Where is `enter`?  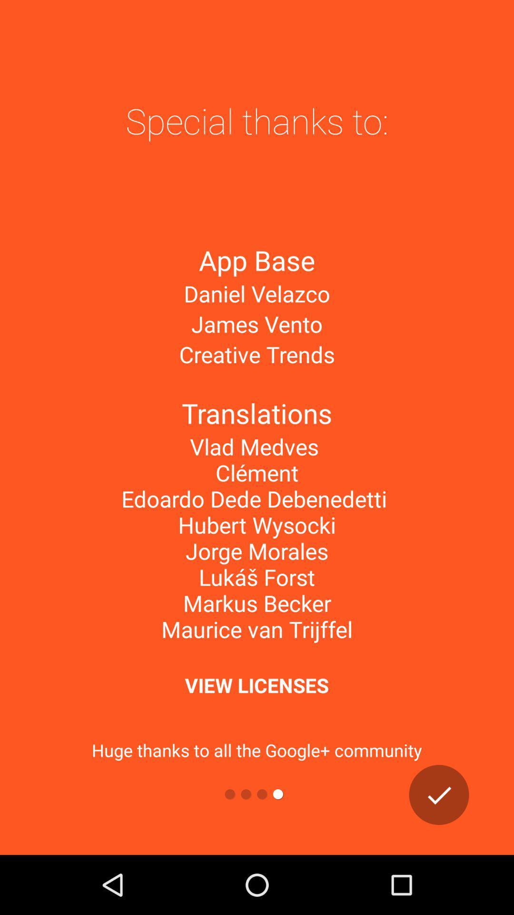 enter is located at coordinates (439, 794).